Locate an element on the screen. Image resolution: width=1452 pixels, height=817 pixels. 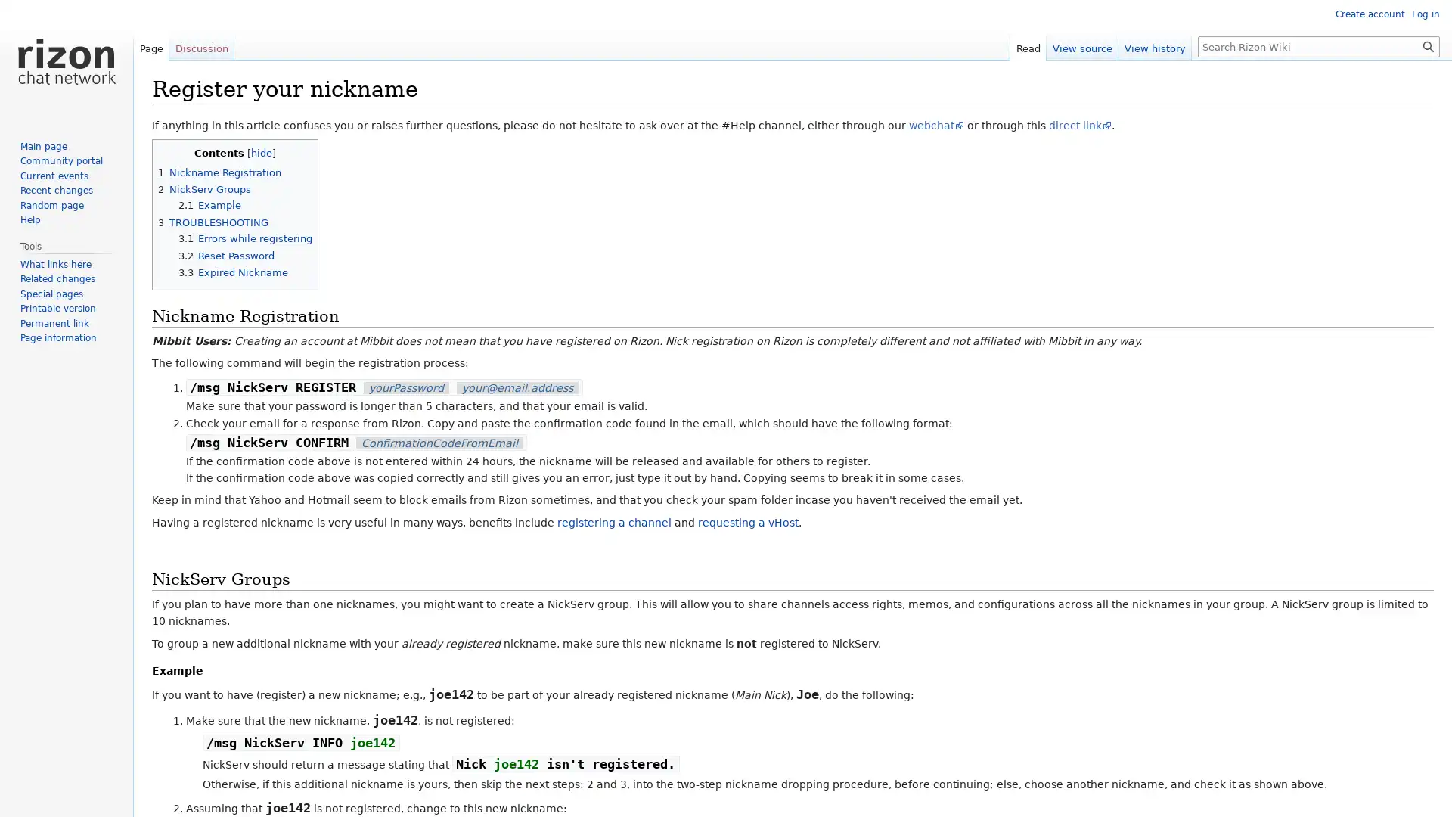
Go is located at coordinates (1428, 45).